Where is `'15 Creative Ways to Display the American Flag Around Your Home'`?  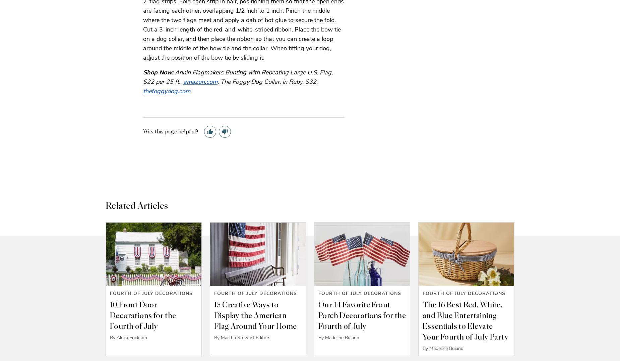 '15 Creative Ways to Display the American Flag Around Your Home' is located at coordinates (255, 315).